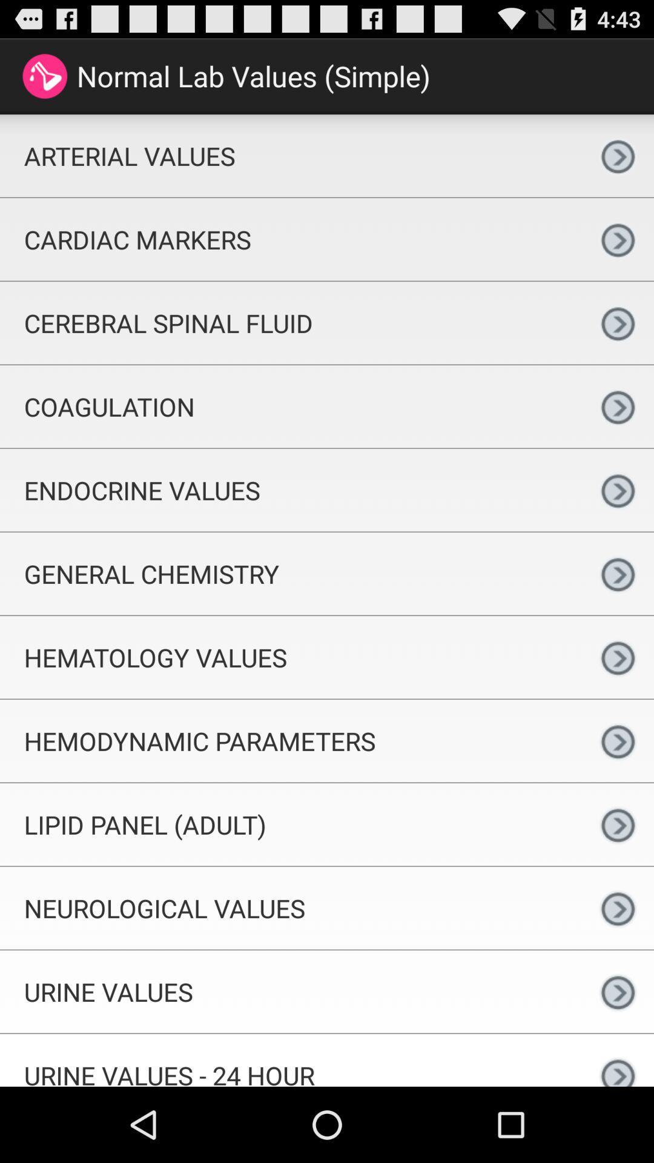 The width and height of the screenshot is (654, 1163). I want to click on item below the cerebral spinal fluid icon, so click(291, 406).